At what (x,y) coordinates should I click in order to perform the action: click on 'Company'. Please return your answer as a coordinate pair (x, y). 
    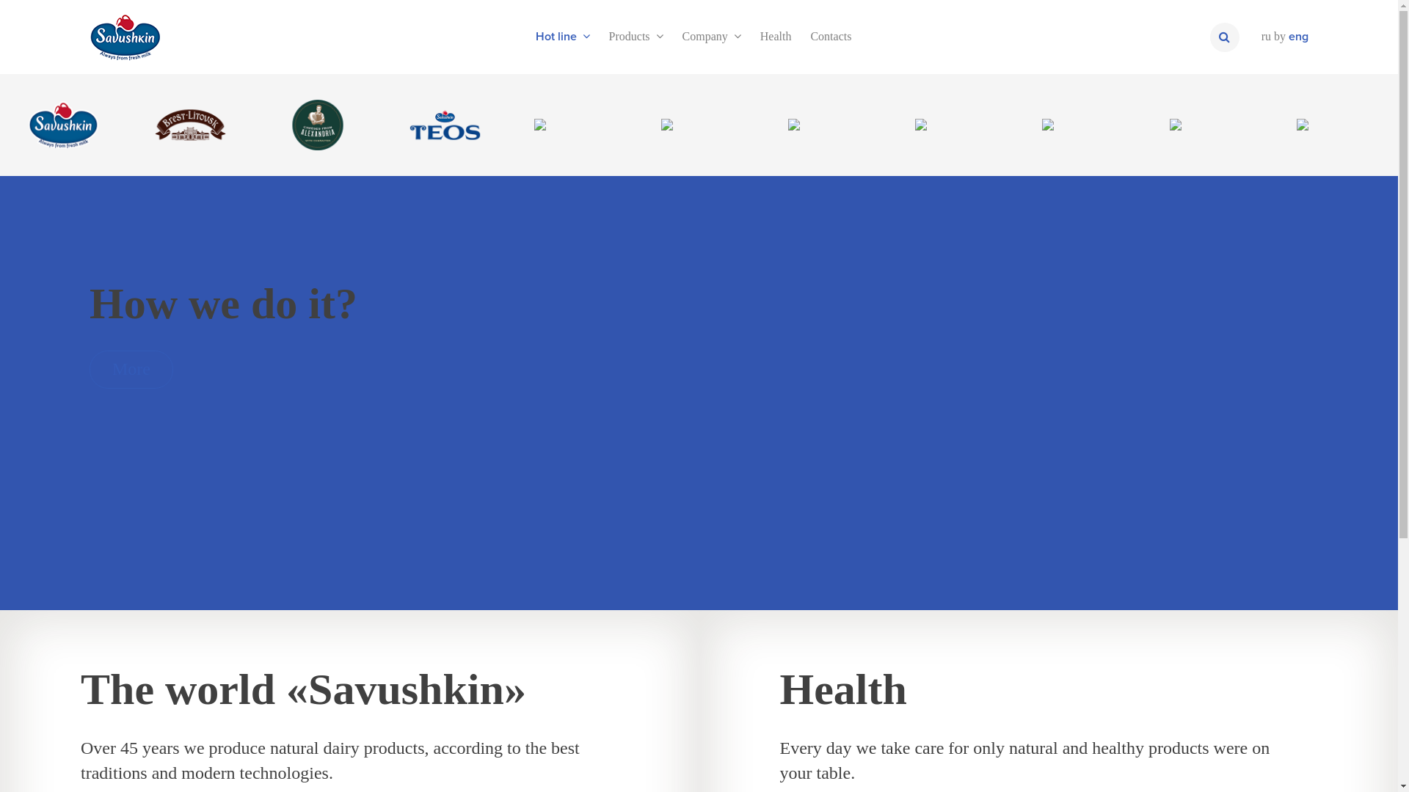
    Looking at the image, I should click on (711, 36).